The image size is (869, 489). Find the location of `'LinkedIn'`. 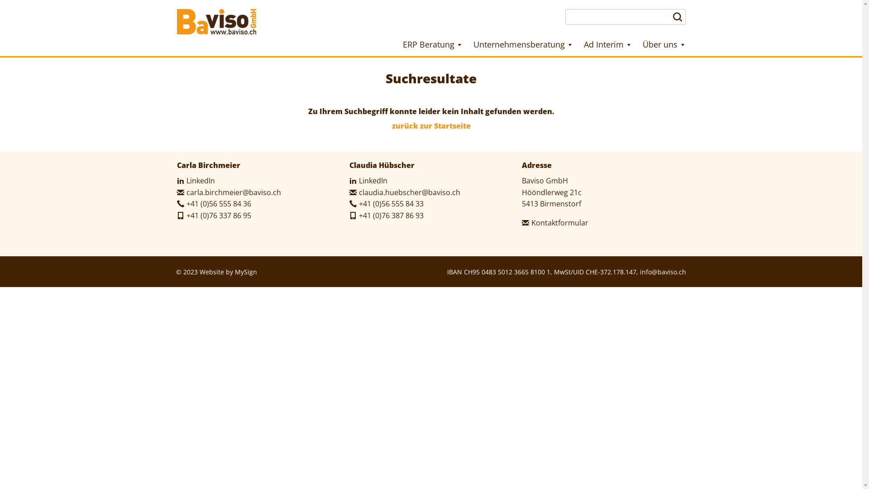

'LinkedIn' is located at coordinates (349, 180).